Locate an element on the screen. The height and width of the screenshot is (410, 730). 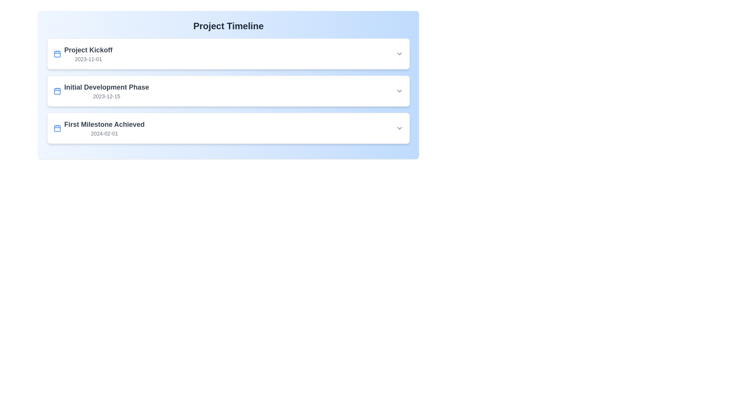
text label for the milestone details titled 'Project Kickoff' located in the first item of the vertical list under the 'Project Timeline' section is located at coordinates (88, 54).